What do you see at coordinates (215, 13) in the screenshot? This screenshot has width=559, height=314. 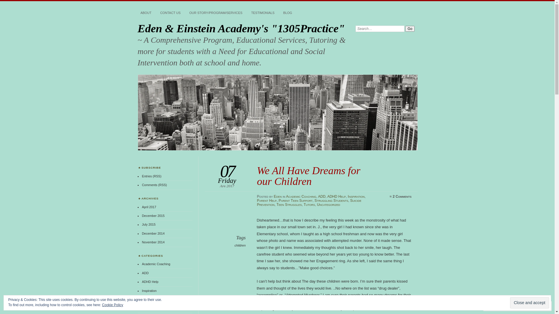 I see `'OUR STORY/PROGRAM/SERVICES'` at bounding box center [215, 13].